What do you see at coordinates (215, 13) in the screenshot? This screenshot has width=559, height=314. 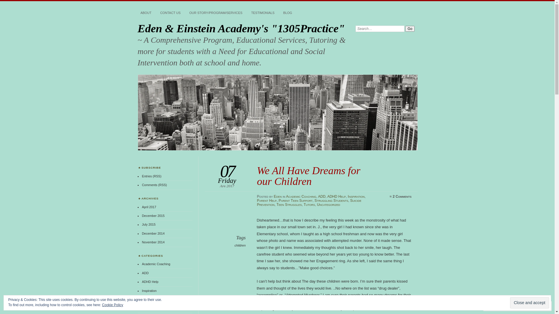 I see `'OUR STORY/PROGRAM/SERVICES'` at bounding box center [215, 13].